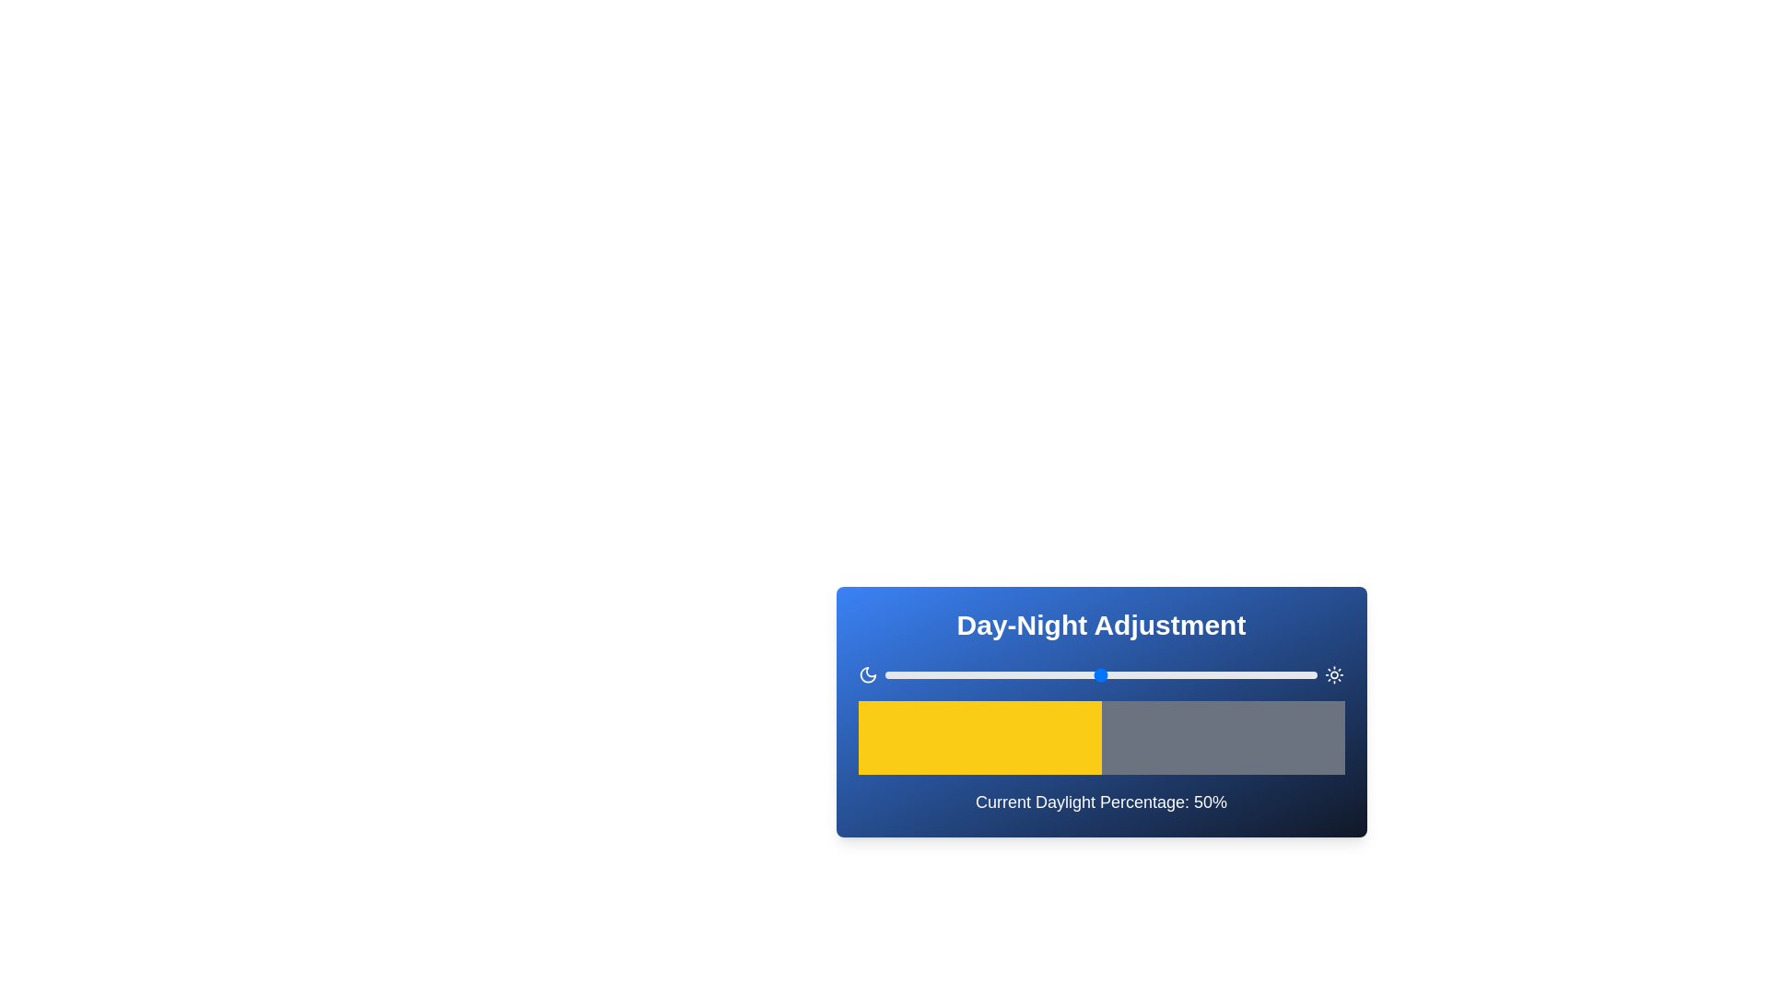  What do you see at coordinates (1093, 674) in the screenshot?
I see `the slider to set the daylight percentage to 48` at bounding box center [1093, 674].